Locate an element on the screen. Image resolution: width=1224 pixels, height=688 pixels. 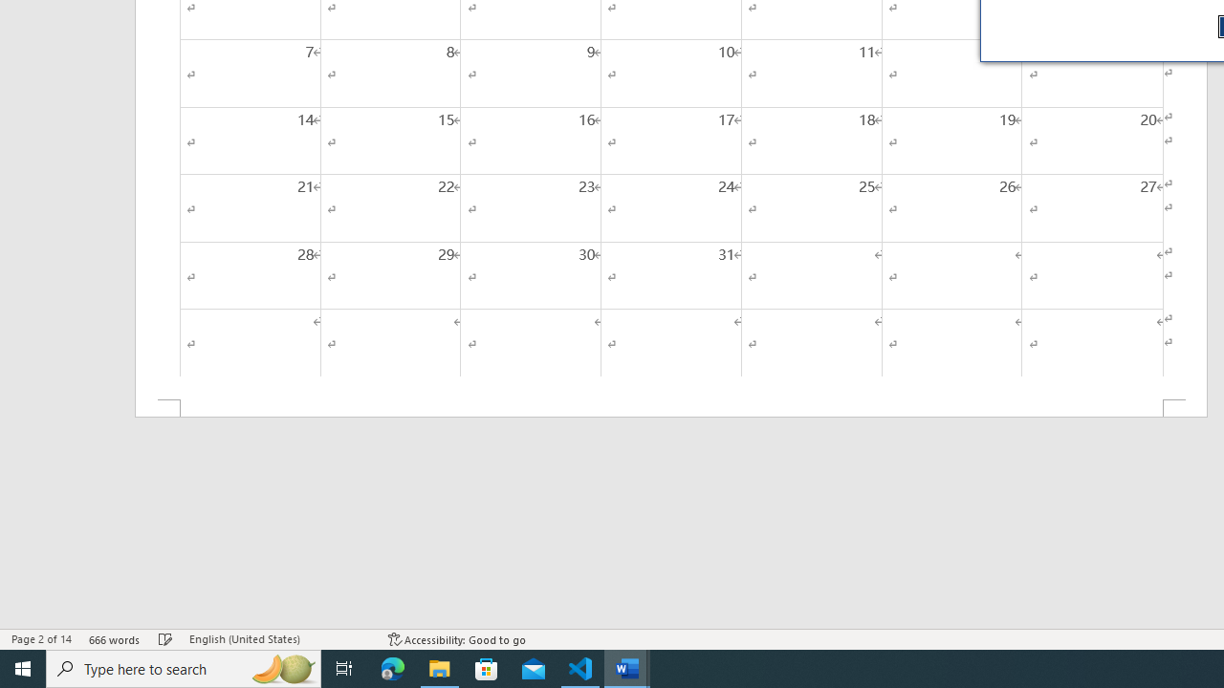
'Microsoft Edge' is located at coordinates (392, 667).